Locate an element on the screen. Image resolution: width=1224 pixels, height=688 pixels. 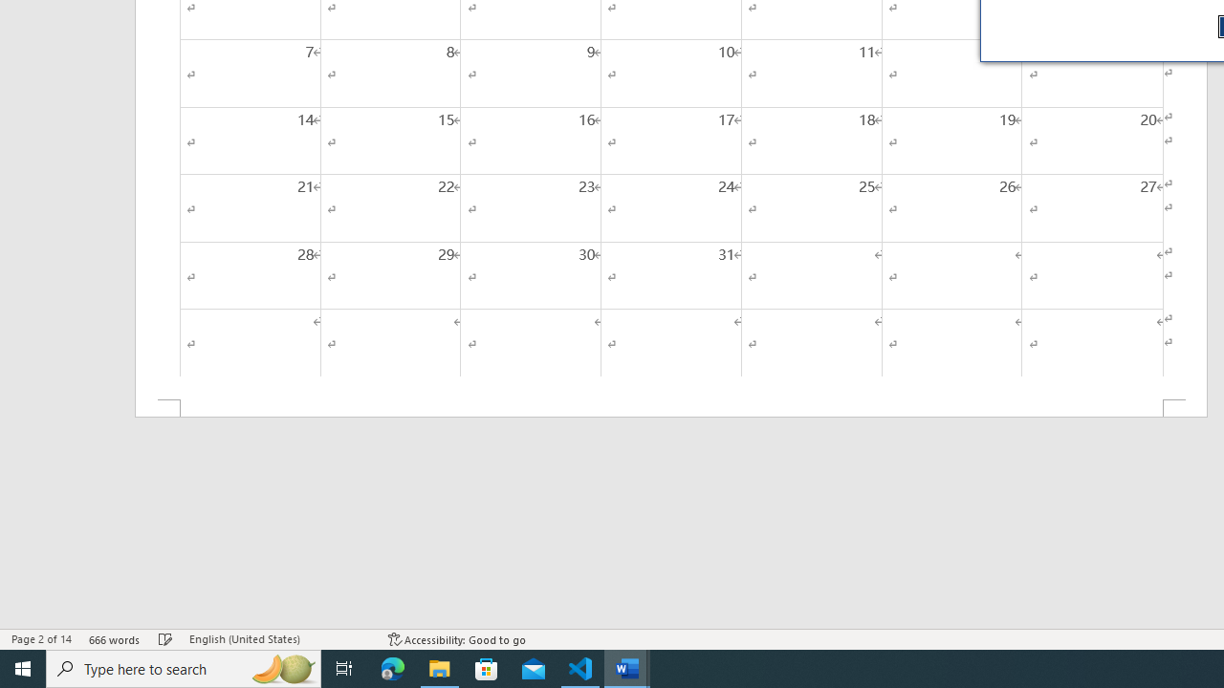
'Microsoft Edge' is located at coordinates (392, 667).